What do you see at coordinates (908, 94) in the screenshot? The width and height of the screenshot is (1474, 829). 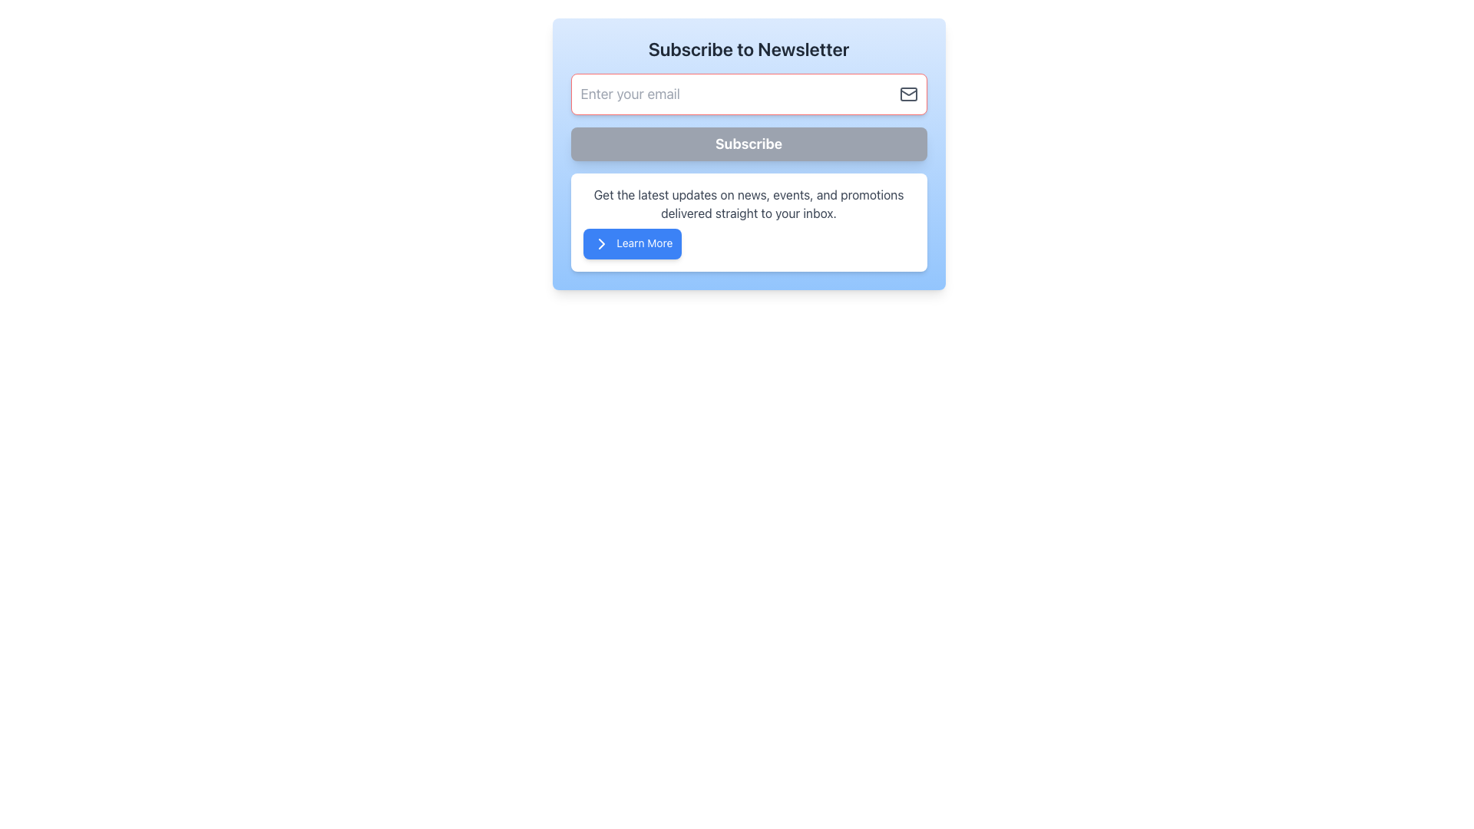 I see `the mail icon that visually indicates the email input field, positioned to the right side of the input box` at bounding box center [908, 94].